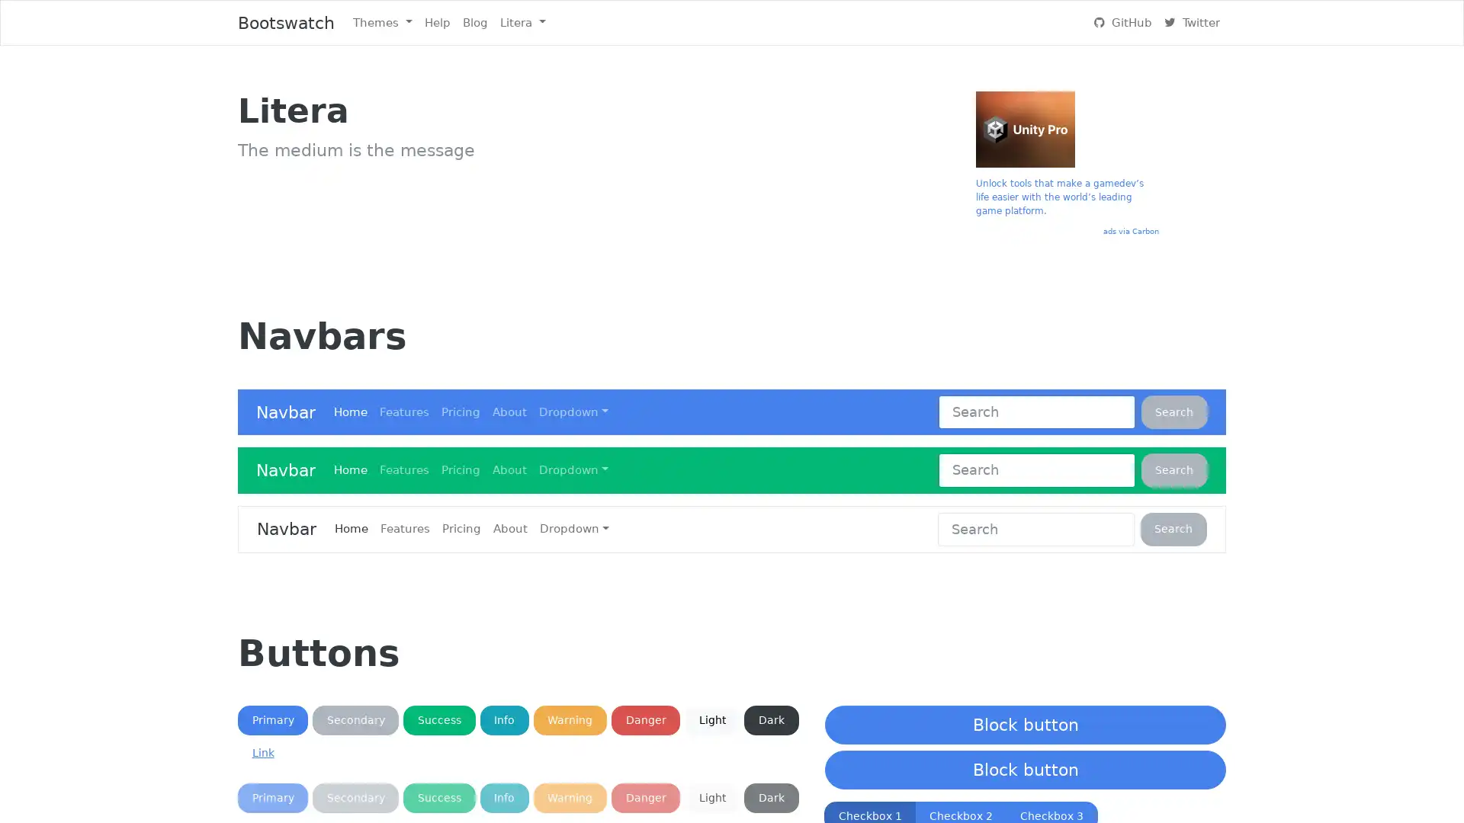  What do you see at coordinates (438, 720) in the screenshot?
I see `Success` at bounding box center [438, 720].